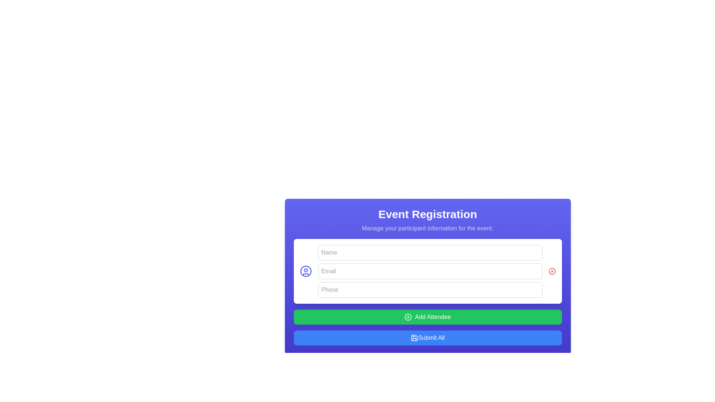  Describe the element at coordinates (428, 338) in the screenshot. I see `the button designed to submit all data in the 'Event Registration' card, located below the 'Add Attendee' button` at that location.